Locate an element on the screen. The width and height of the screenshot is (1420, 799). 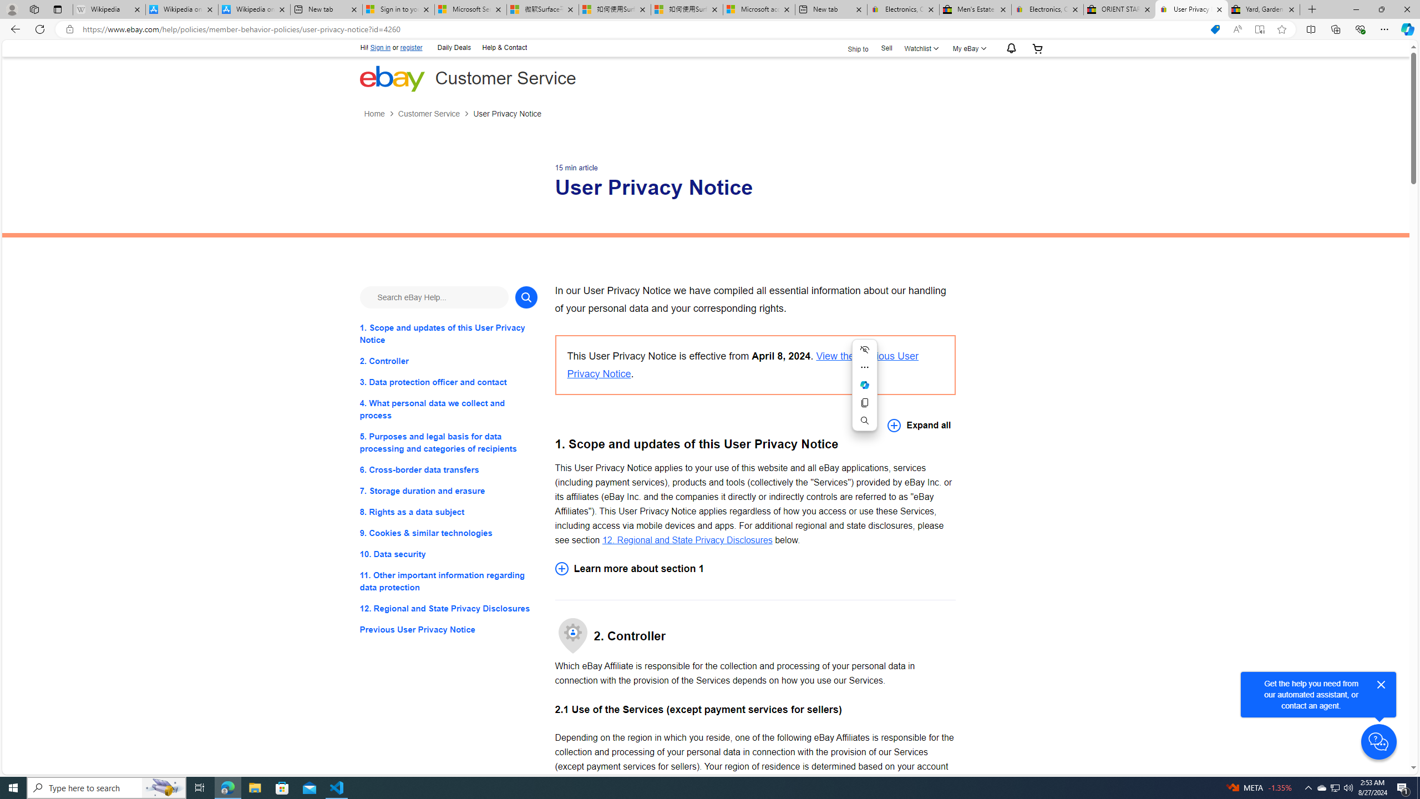
'Copy' is located at coordinates (864, 402).